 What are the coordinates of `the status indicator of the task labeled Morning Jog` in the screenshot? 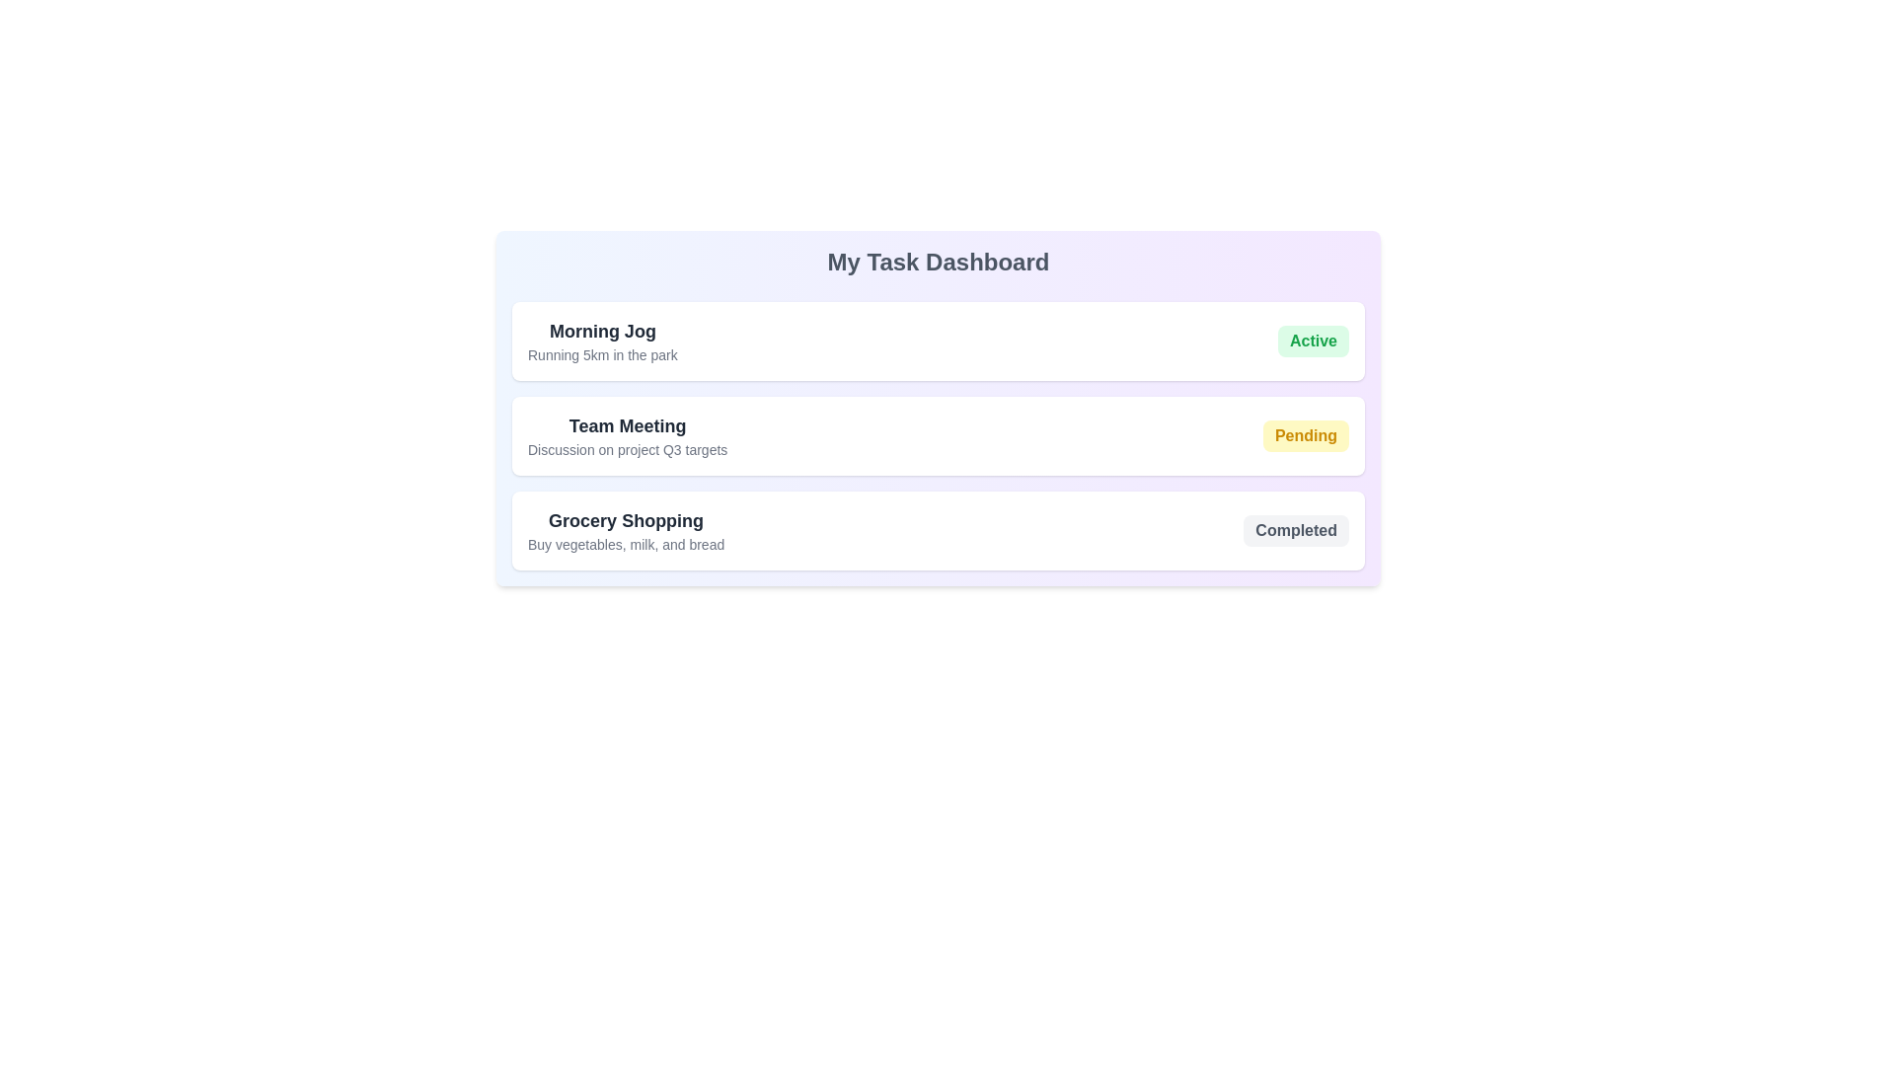 It's located at (1313, 341).